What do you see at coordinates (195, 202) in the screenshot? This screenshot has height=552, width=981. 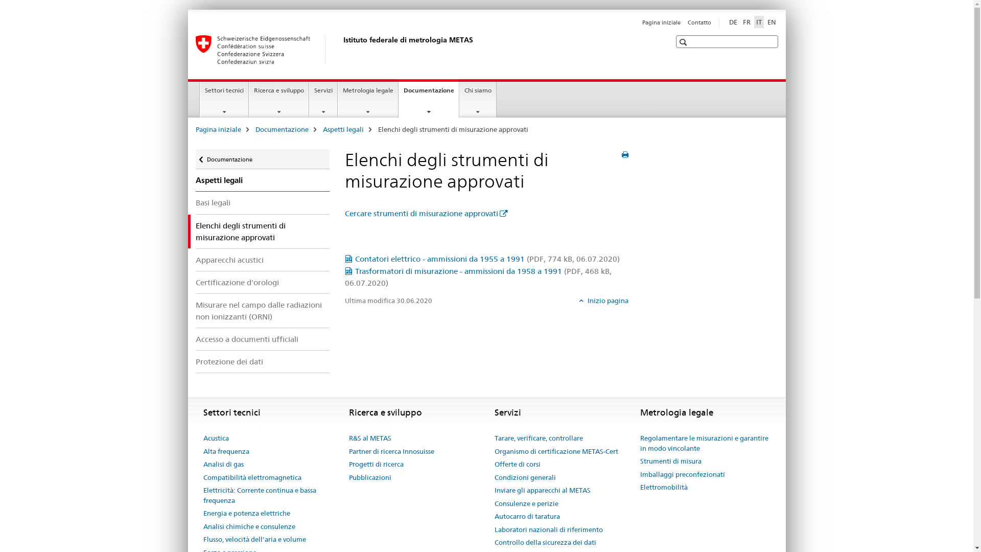 I see `'Basi legali'` at bounding box center [195, 202].